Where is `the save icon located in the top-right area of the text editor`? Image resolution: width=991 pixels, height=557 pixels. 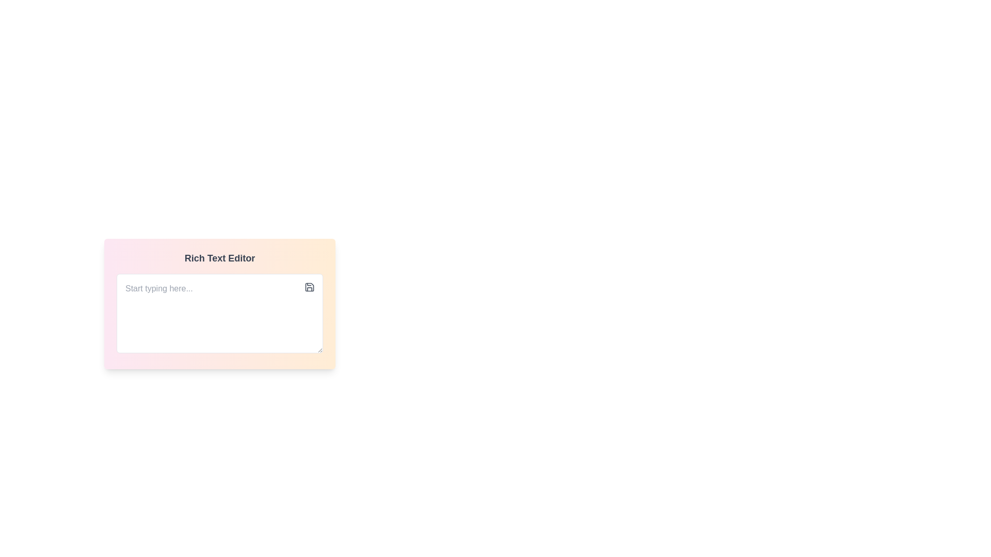 the save icon located in the top-right area of the text editor is located at coordinates (309, 287).